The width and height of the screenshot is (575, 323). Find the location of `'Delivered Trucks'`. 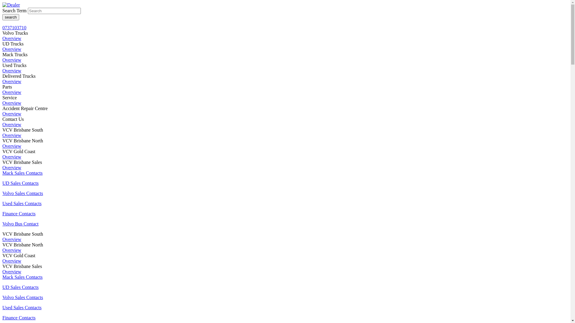

'Delivered Trucks' is located at coordinates (19, 76).